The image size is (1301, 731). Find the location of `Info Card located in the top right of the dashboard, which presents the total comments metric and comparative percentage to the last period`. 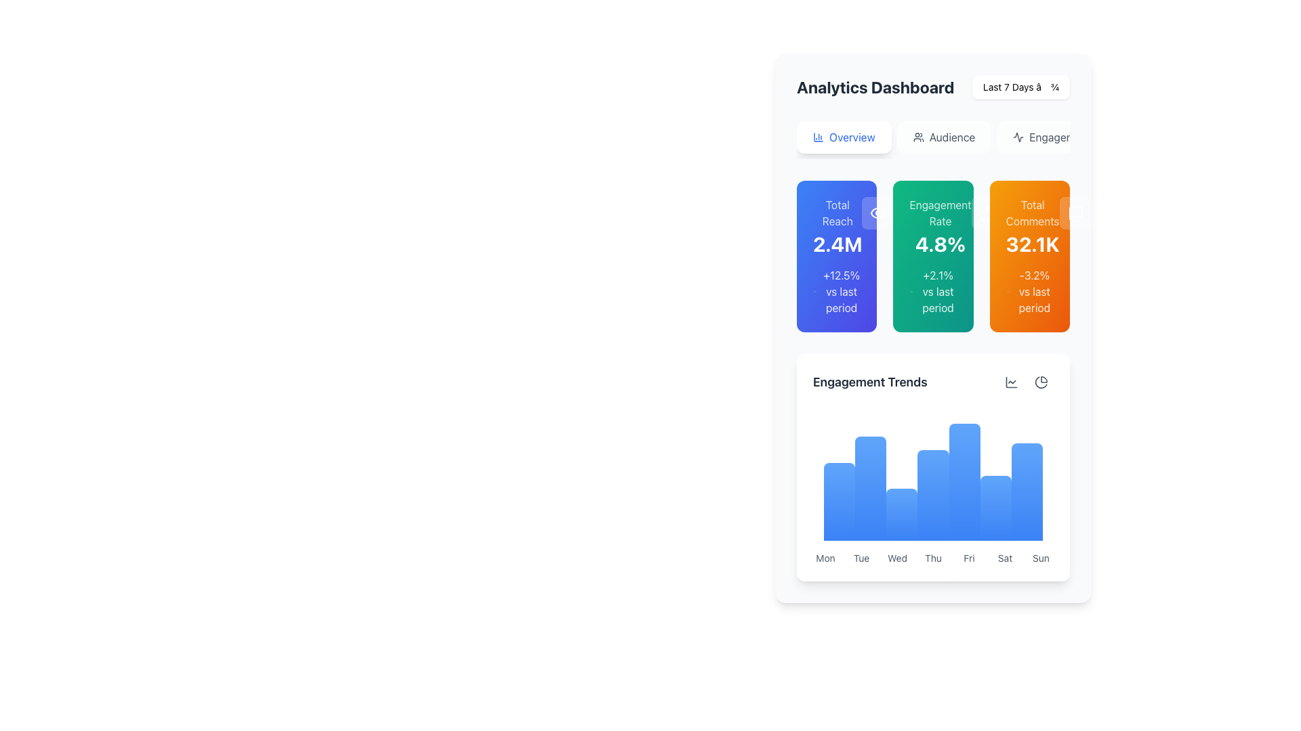

Info Card located in the top right of the dashboard, which presents the total comments metric and comparative percentage to the last period is located at coordinates (1029, 256).